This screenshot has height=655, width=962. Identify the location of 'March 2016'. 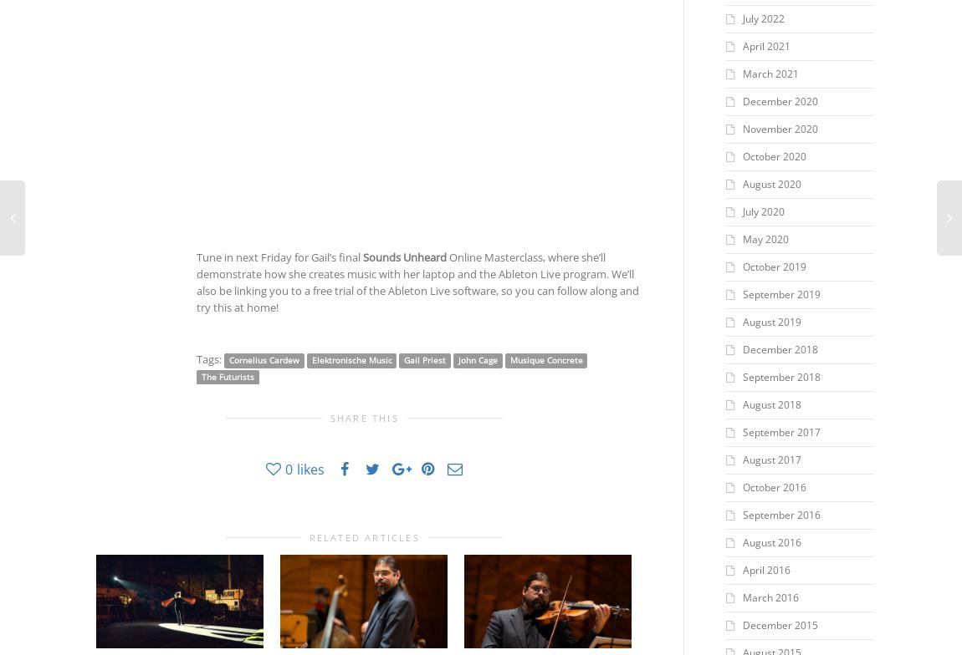
(770, 597).